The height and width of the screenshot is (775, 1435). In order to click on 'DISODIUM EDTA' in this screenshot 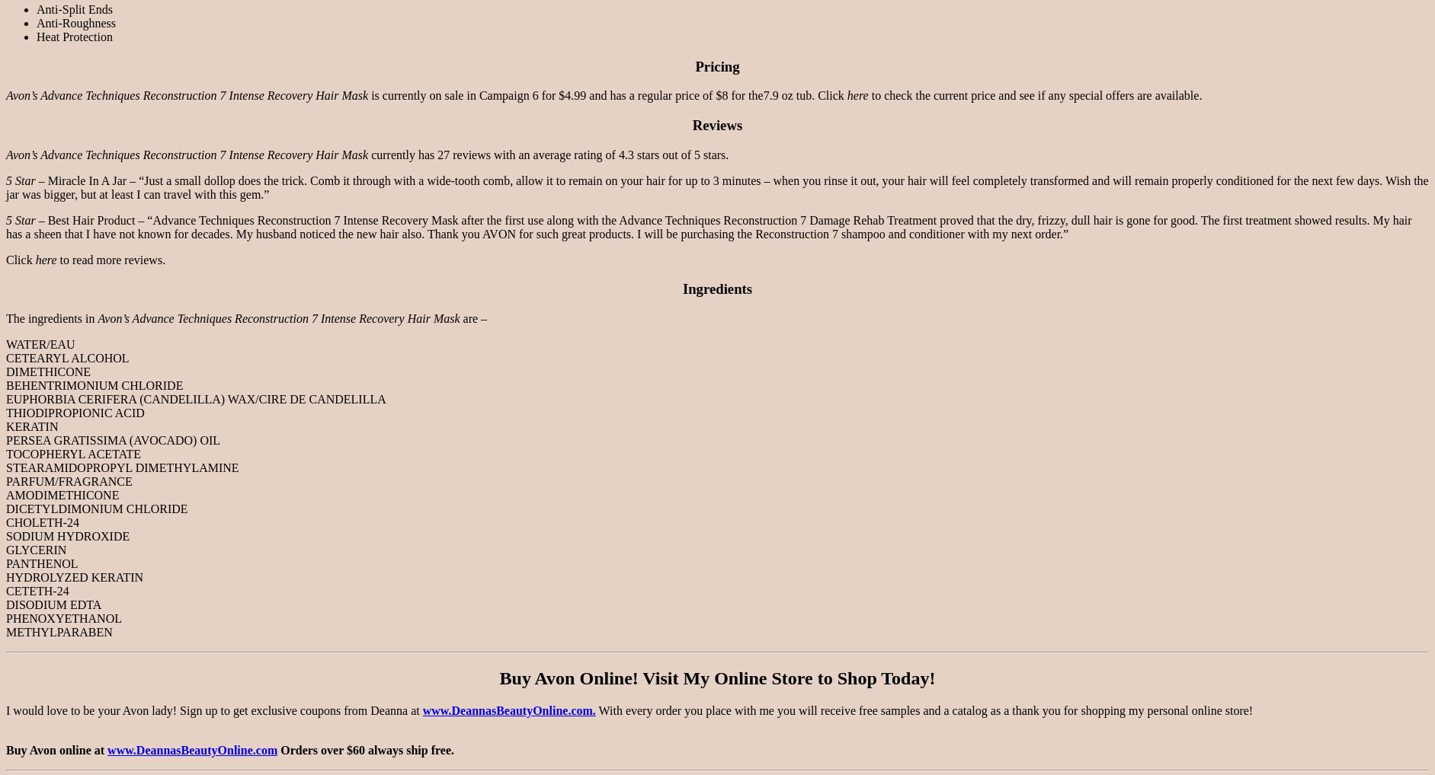, I will do `click(53, 604)`.